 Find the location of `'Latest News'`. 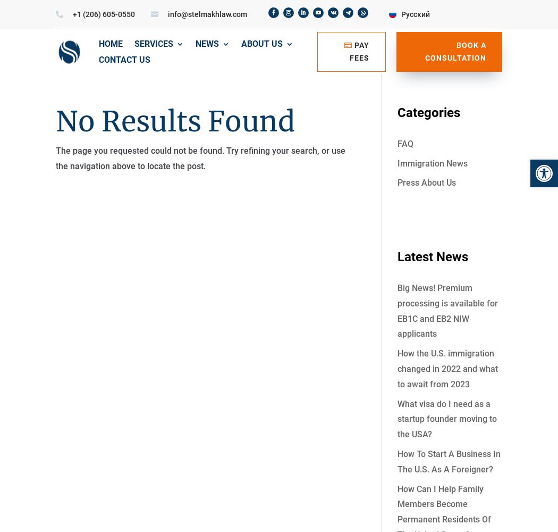

'Latest News' is located at coordinates (432, 256).